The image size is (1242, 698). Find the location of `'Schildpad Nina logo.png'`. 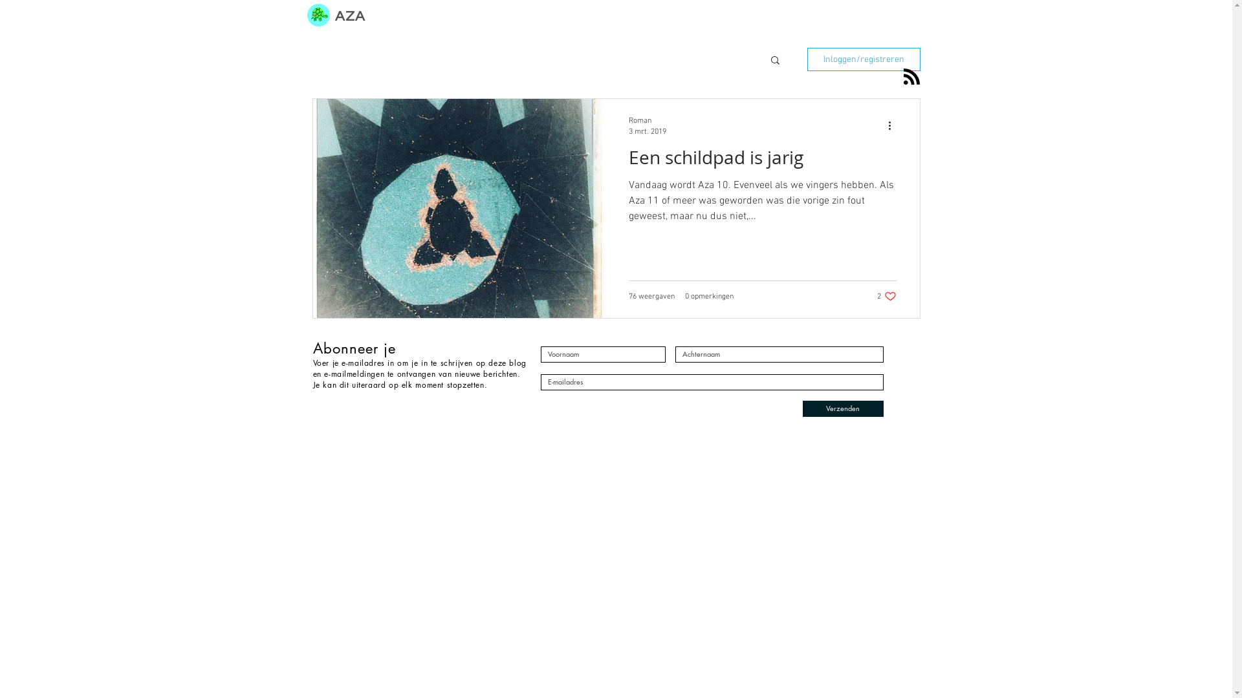

'Schildpad Nina logo.png' is located at coordinates (306, 15).